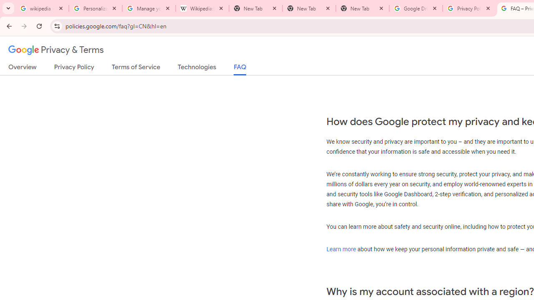 The image size is (534, 300). I want to click on 'Google Drive: Sign-in', so click(416, 8).